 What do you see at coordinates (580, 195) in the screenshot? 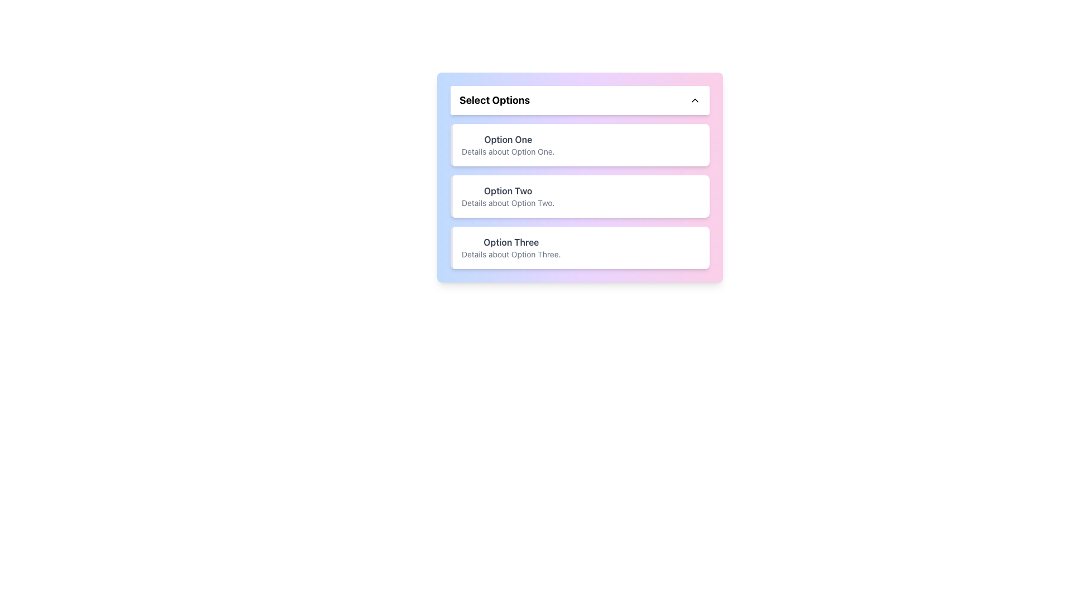
I see `the second selectable card in the list that represents 'Option Two'` at bounding box center [580, 195].